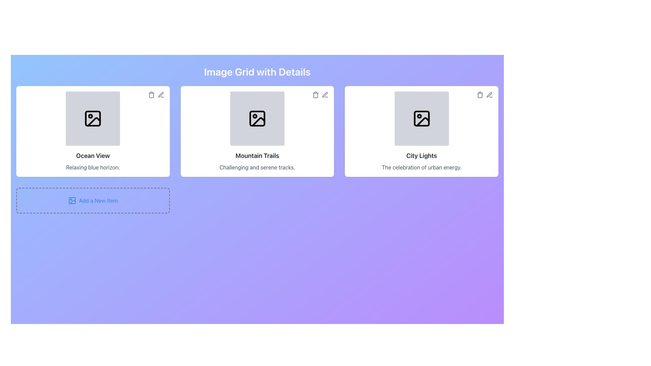 This screenshot has height=366, width=651. I want to click on the Static Text element that serves as a descriptive title for the content below, which is located in the upper section of the interface, centered horizontally with a distinct margin, so click(257, 72).